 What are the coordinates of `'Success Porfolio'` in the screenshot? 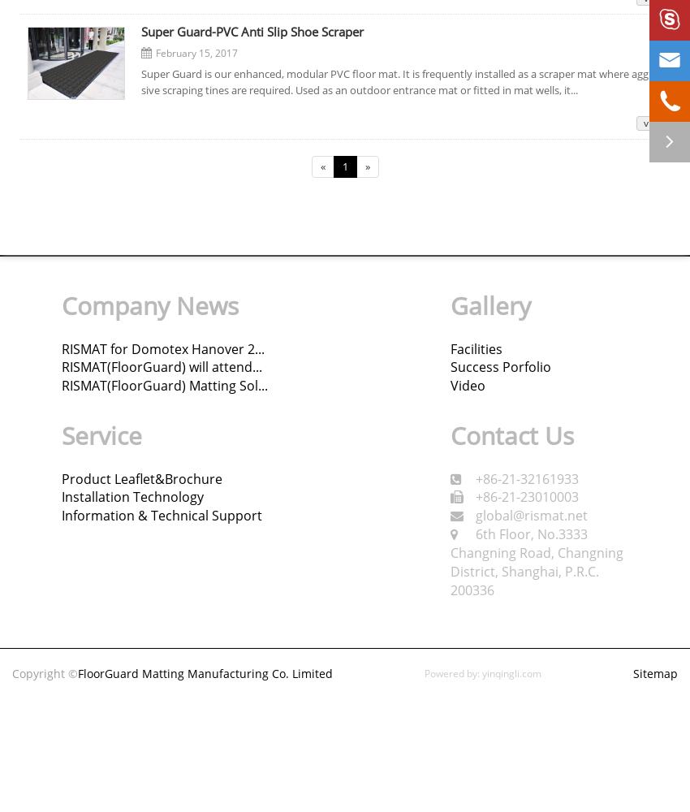 It's located at (498, 366).